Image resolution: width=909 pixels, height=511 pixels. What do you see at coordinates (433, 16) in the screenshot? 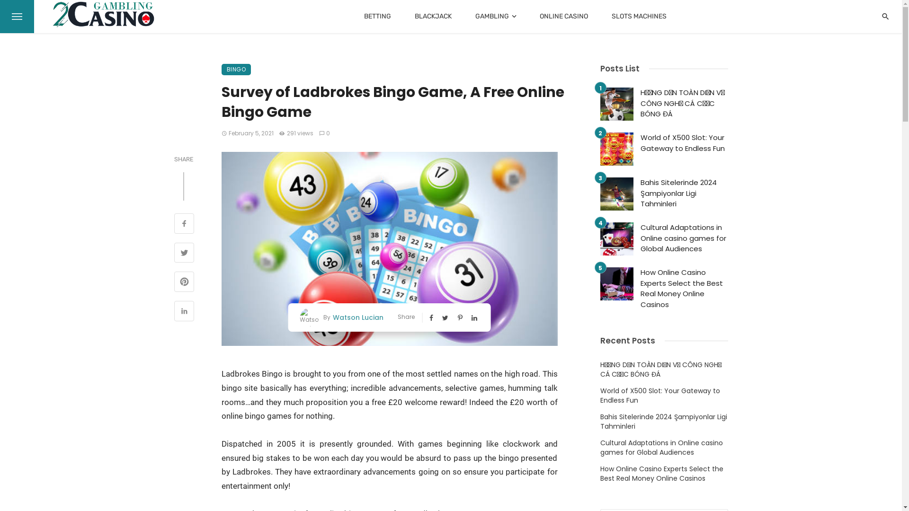
I see `'BLACKJACK'` at bounding box center [433, 16].